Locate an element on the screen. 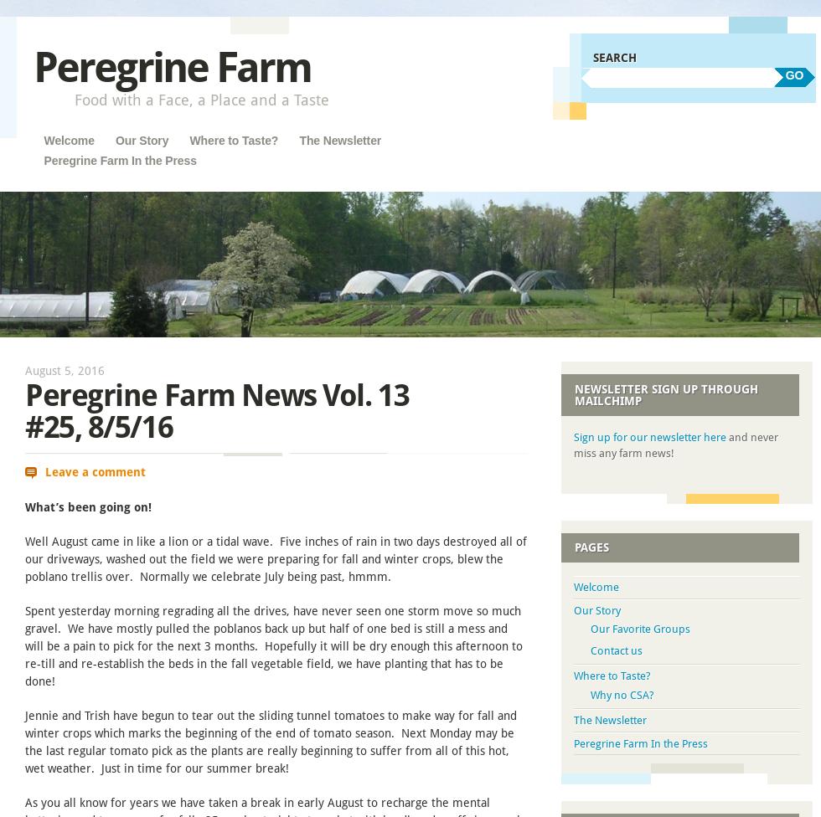 Image resolution: width=821 pixels, height=817 pixels. 'Spent yesterday morning regrading all the drives, have never seen one storm move so much gravel.  We have mostly pulled the poblanos back up but half of one bed is still a mess and will be a pain to pick for the next 3 months.  Hopefully it will be dry enough this afternoon to re-till and re-establish the beds in the fall vegetable field, we have planting that has to be done!' is located at coordinates (274, 645).